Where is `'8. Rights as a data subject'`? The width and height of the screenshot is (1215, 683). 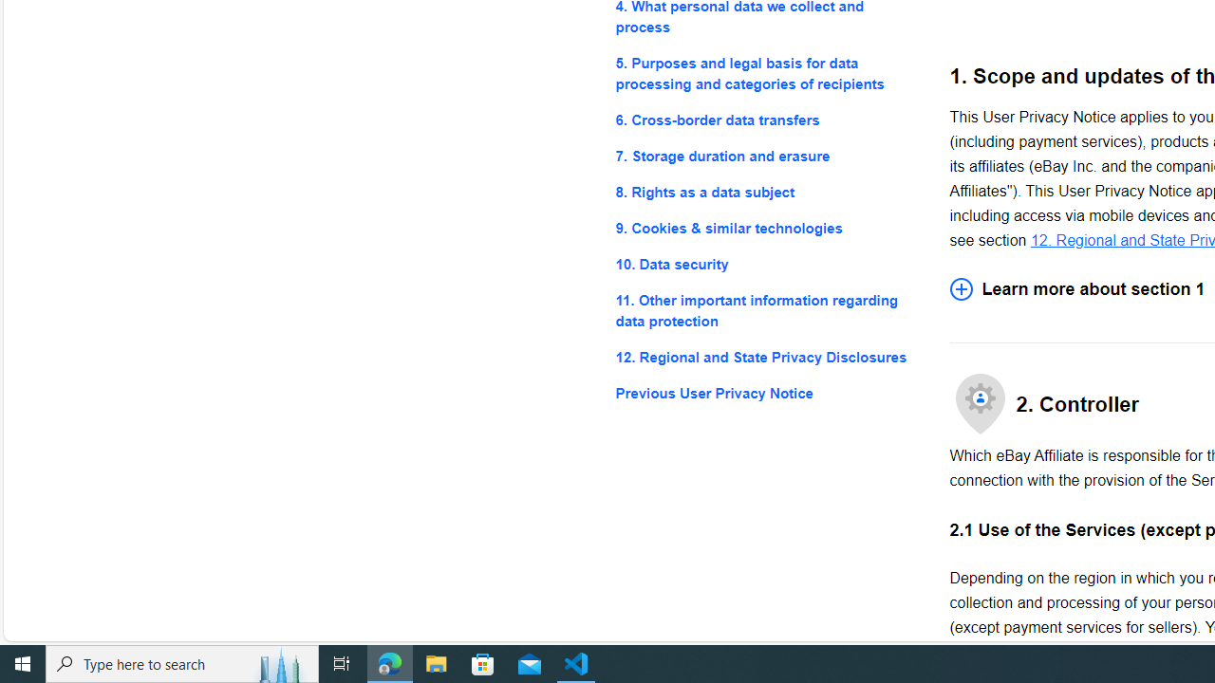
'8. Rights as a data subject' is located at coordinates (767, 193).